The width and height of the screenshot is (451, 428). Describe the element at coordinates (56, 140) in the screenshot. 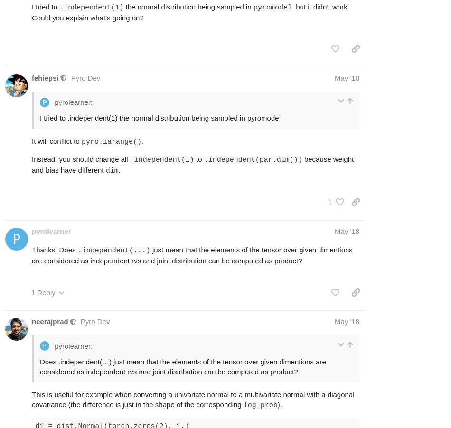

I see `'It will conflict to'` at that location.